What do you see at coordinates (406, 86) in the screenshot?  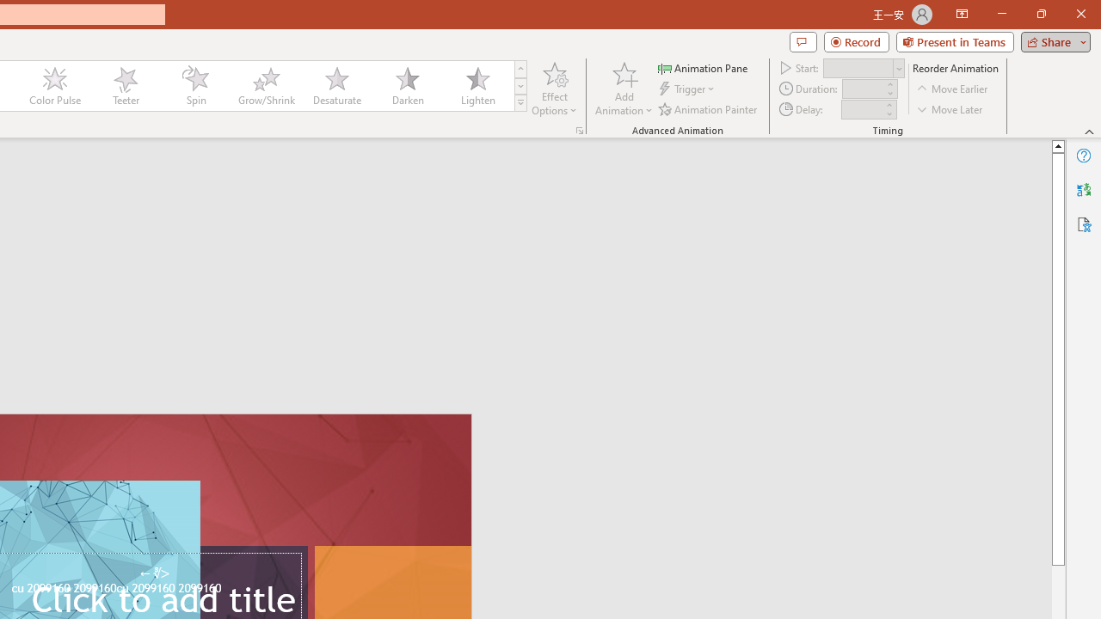 I see `'Darken'` at bounding box center [406, 86].